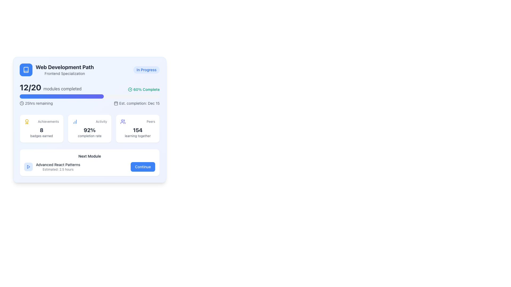 This screenshot has height=287, width=511. I want to click on the 'Activity' informational card which is the second card in a row of three, featuring a blue chart icon and displaying '92%' as the completion rate, so click(89, 128).